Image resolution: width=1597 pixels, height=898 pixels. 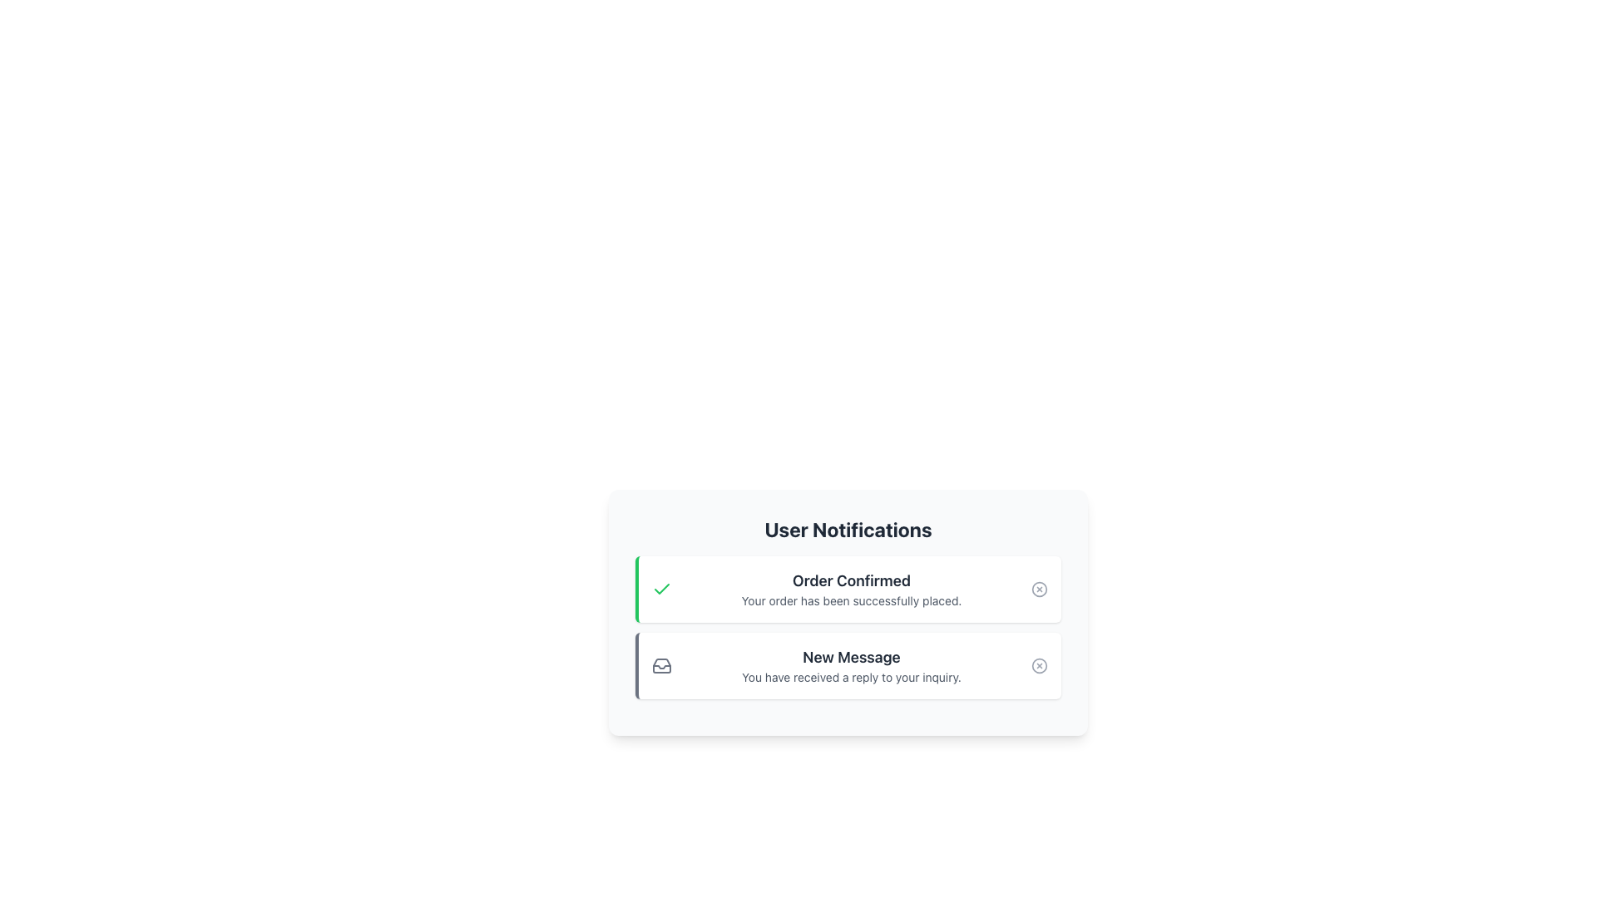 I want to click on the notification icon located at the top-left corner of the notification card that contains the text 'New Message.', so click(x=661, y=665).